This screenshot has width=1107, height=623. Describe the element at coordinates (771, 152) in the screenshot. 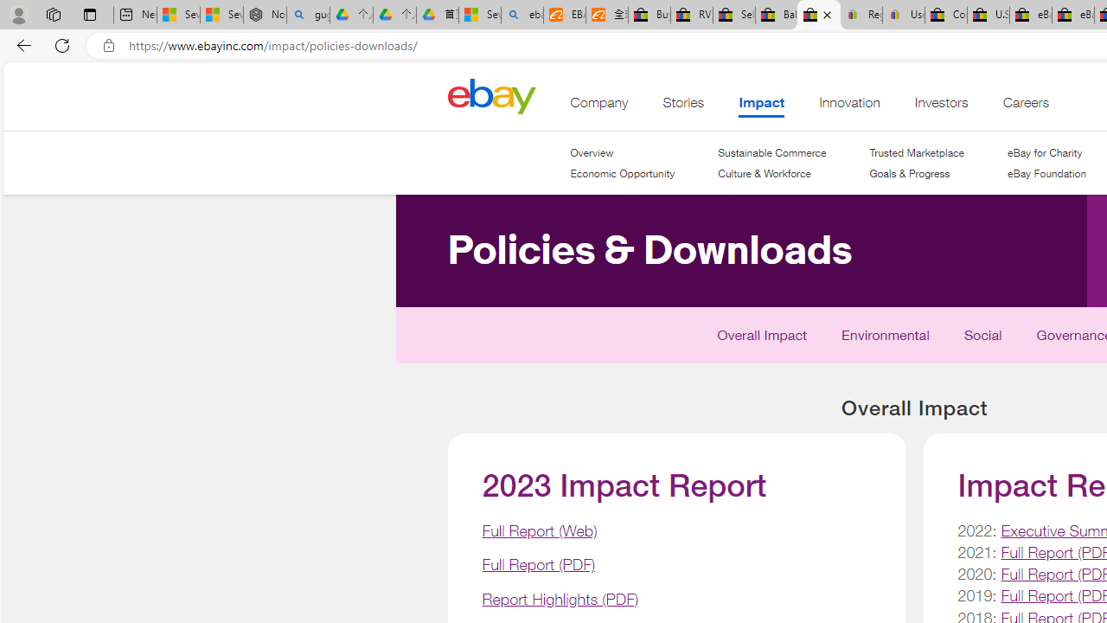

I see `'Sustainable Commerce'` at that location.